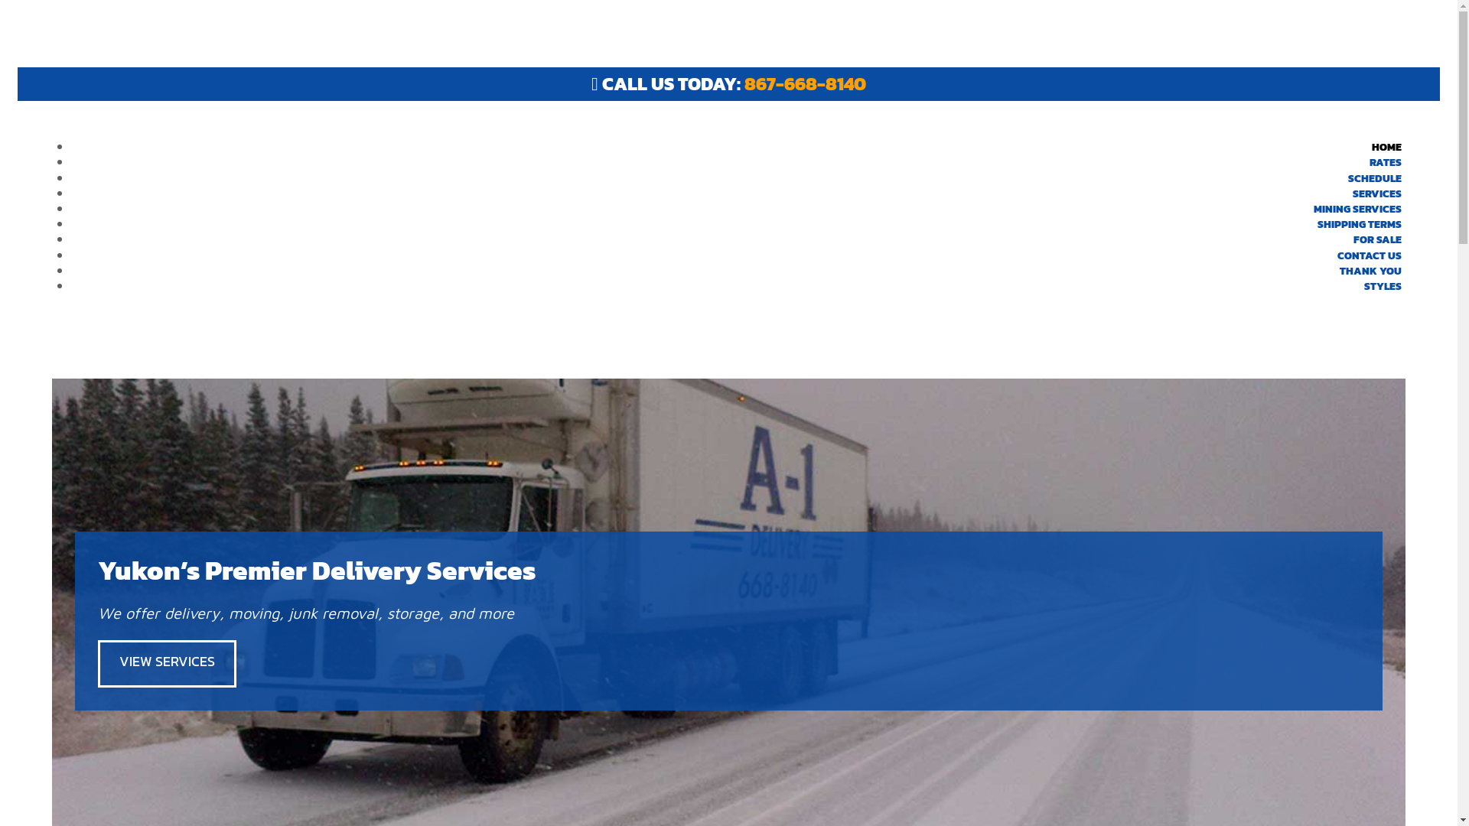  Describe the element at coordinates (1370, 254) in the screenshot. I see `'CONTACT US'` at that location.